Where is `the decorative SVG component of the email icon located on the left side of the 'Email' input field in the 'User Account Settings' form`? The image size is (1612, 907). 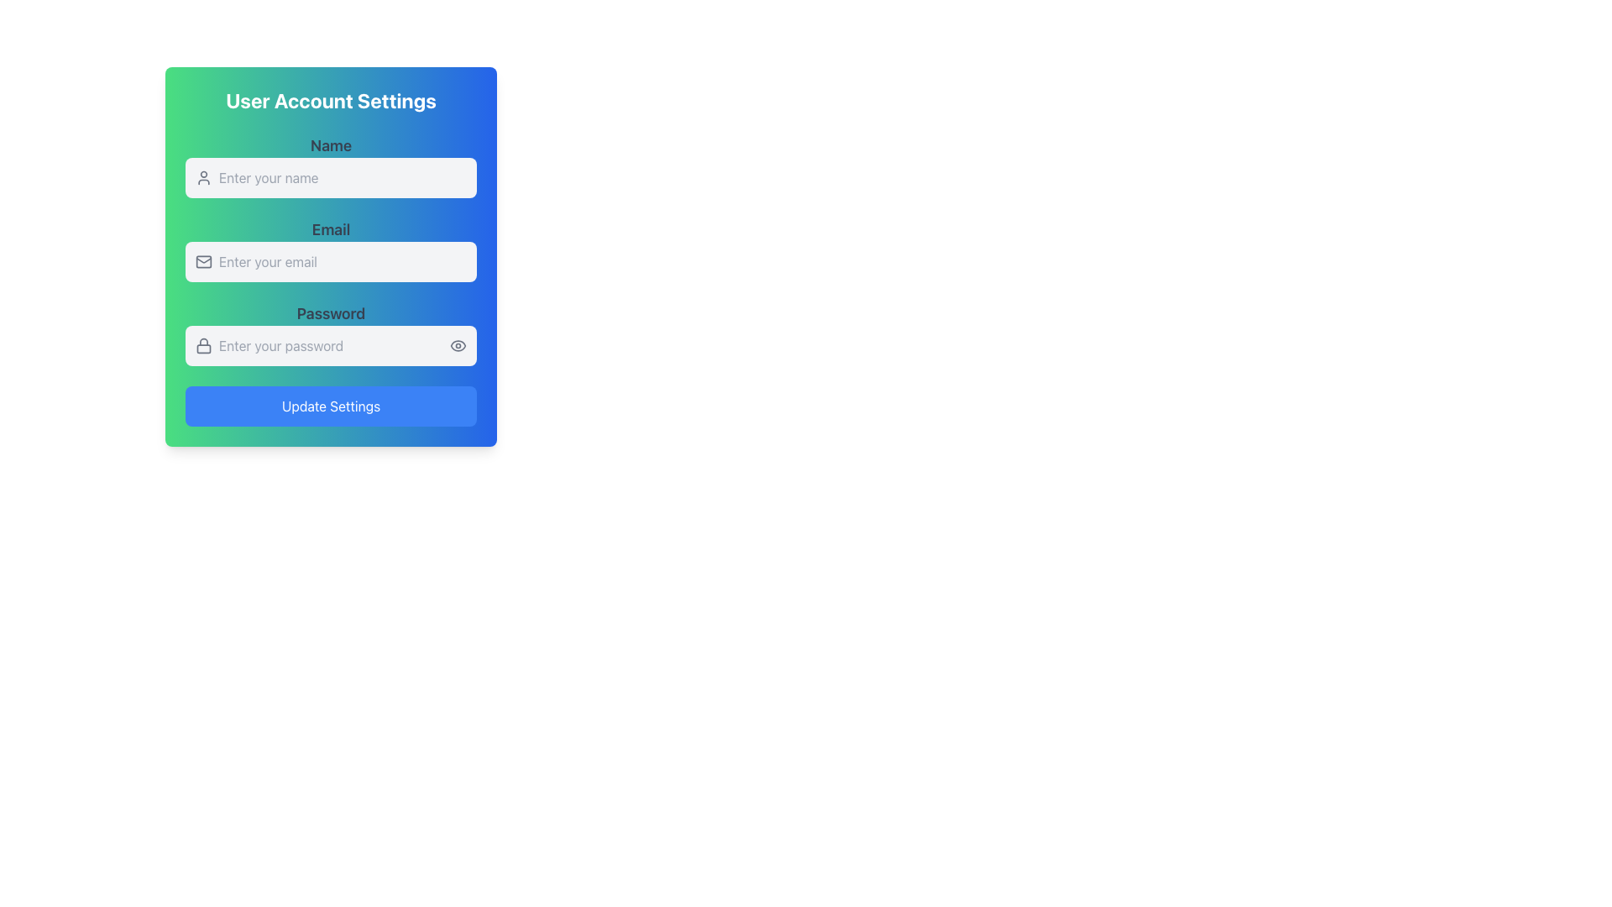
the decorative SVG component of the email icon located on the left side of the 'Email' input field in the 'User Account Settings' form is located at coordinates (203, 262).